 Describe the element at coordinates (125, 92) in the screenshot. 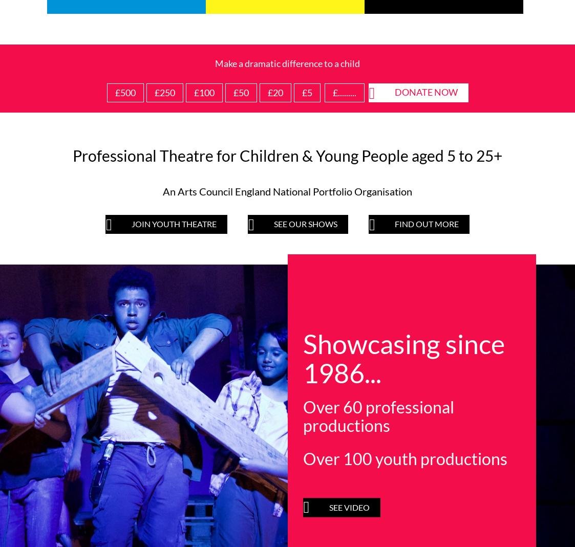

I see `'£500'` at that location.